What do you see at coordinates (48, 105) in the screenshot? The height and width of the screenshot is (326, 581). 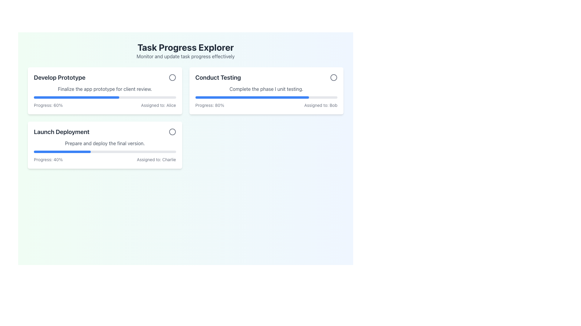 I see `the static text label displaying 'Progress: 60%' located below the progress bar and to the left of 'Assigned to: Alice' in the 'Develop Prototype' card` at bounding box center [48, 105].